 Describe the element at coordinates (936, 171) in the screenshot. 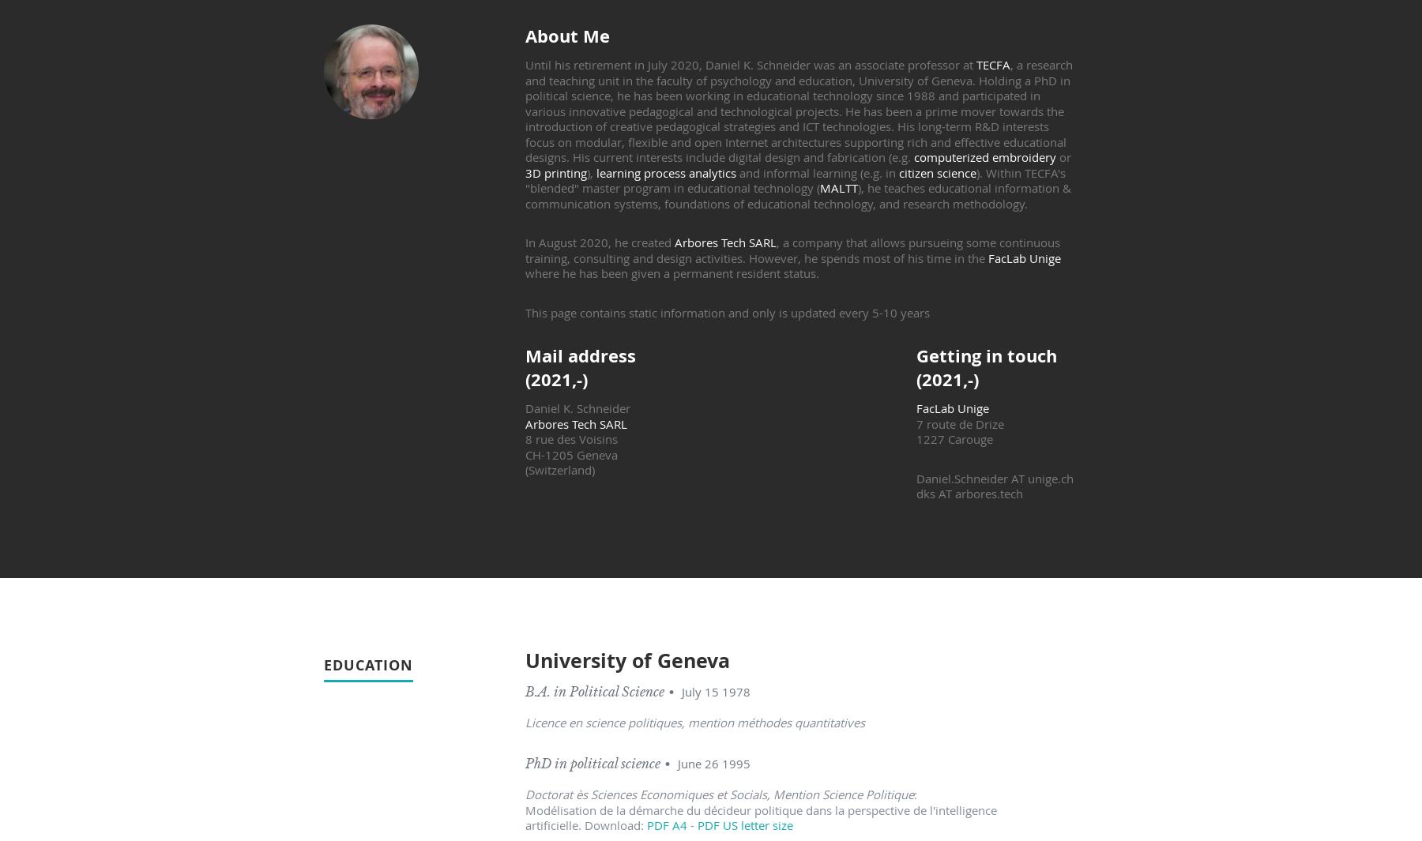

I see `'citizen science'` at that location.